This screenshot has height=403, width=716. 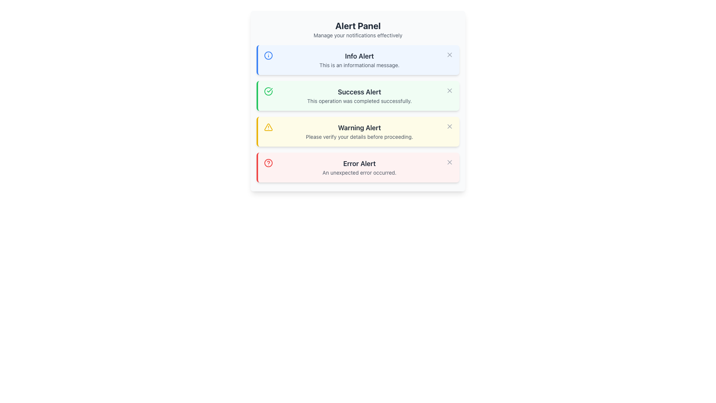 What do you see at coordinates (359, 137) in the screenshot?
I see `message displayed in the Text Label located within the 'Warning Alert' component of the Alert Panel, positioned below the header 'Warning Alert'` at bounding box center [359, 137].